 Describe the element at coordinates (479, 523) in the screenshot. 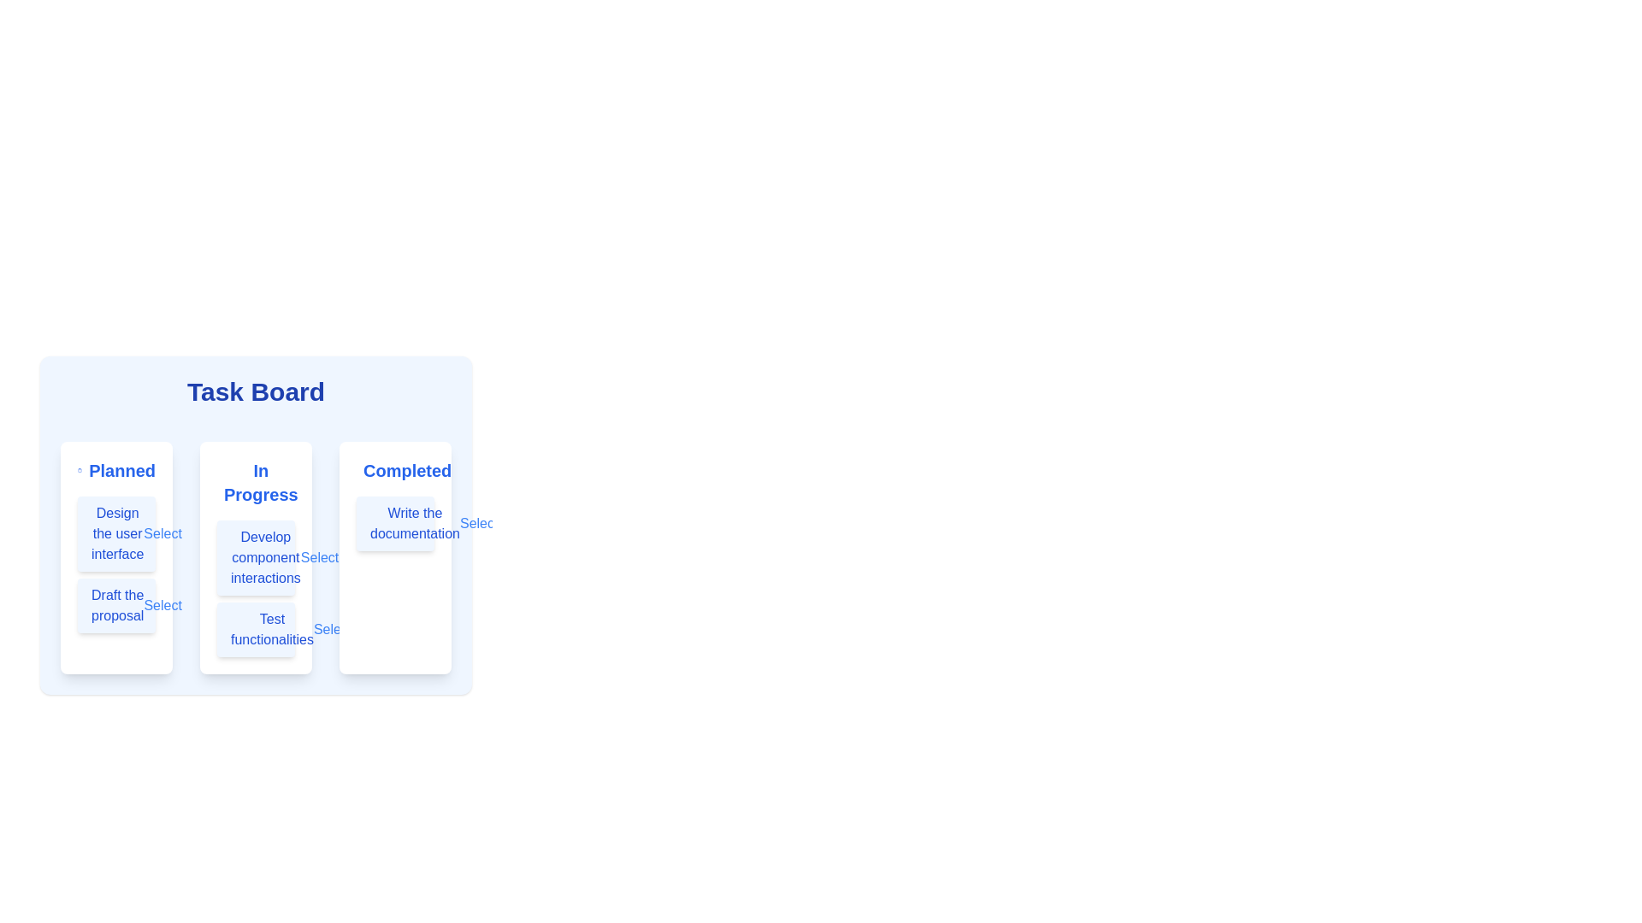

I see `the interactive text link located in the 'Completed' section of the 'Task Board' interface, adjacent to the text 'Write the documentation'` at that location.